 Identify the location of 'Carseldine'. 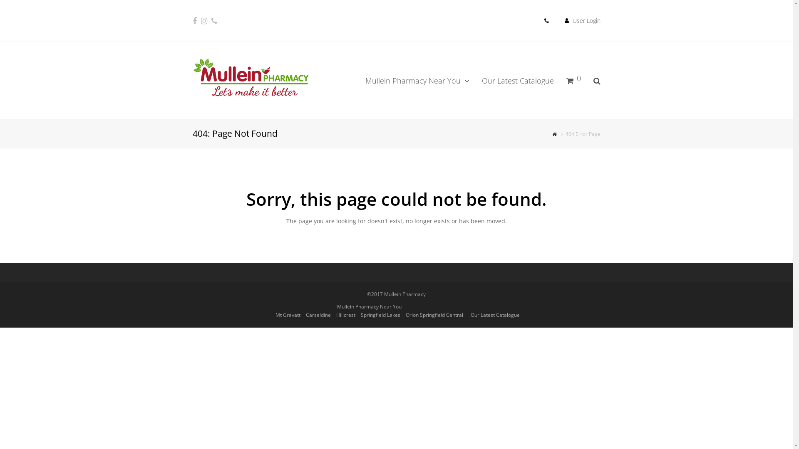
(317, 315).